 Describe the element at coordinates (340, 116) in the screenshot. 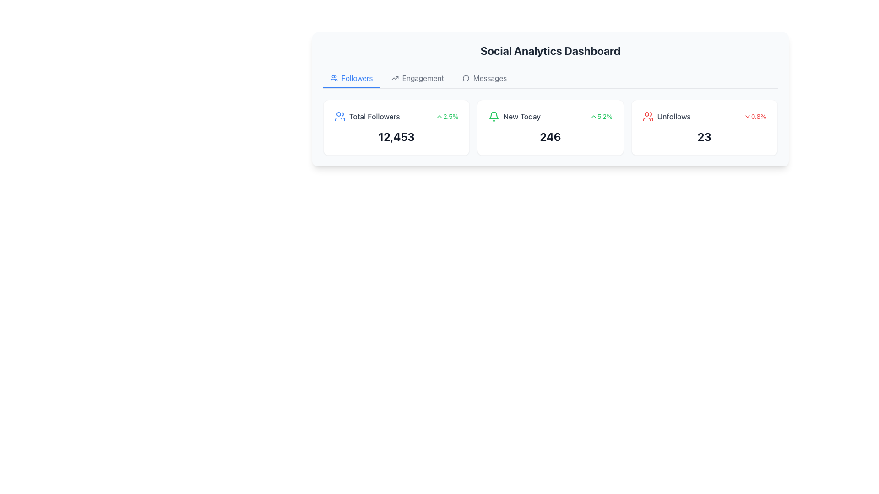

I see `the blue icon representing two user figures, which is located to the left of the 'Total Followers' text in the first card on the dashboard` at that location.